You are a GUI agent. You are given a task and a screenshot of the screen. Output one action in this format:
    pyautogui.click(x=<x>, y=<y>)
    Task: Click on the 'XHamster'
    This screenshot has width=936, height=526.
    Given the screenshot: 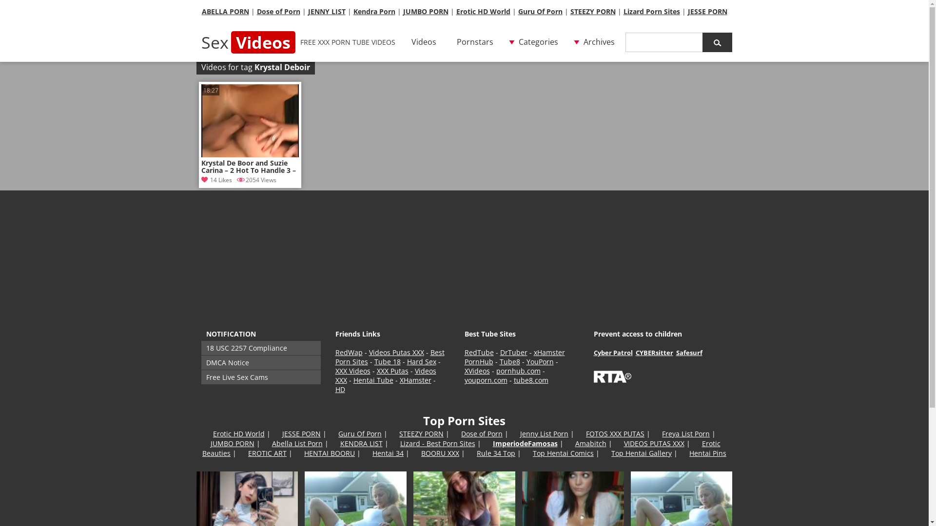 What is the action you would take?
    pyautogui.click(x=400, y=379)
    